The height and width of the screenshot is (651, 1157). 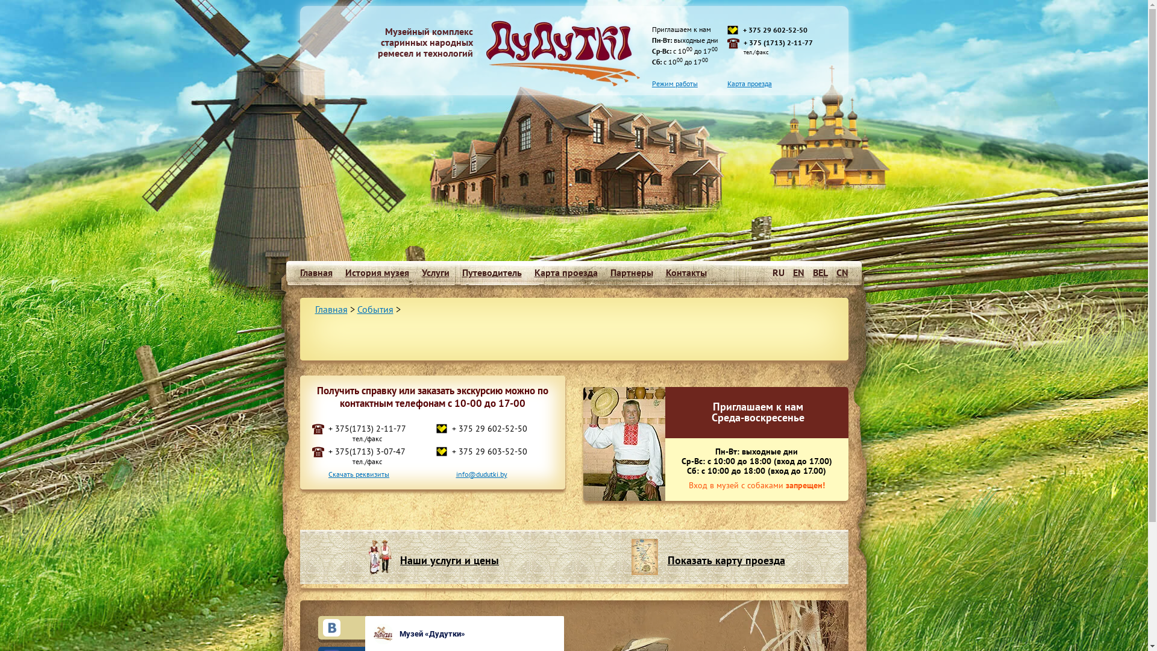 I want to click on 'EN', so click(x=798, y=272).